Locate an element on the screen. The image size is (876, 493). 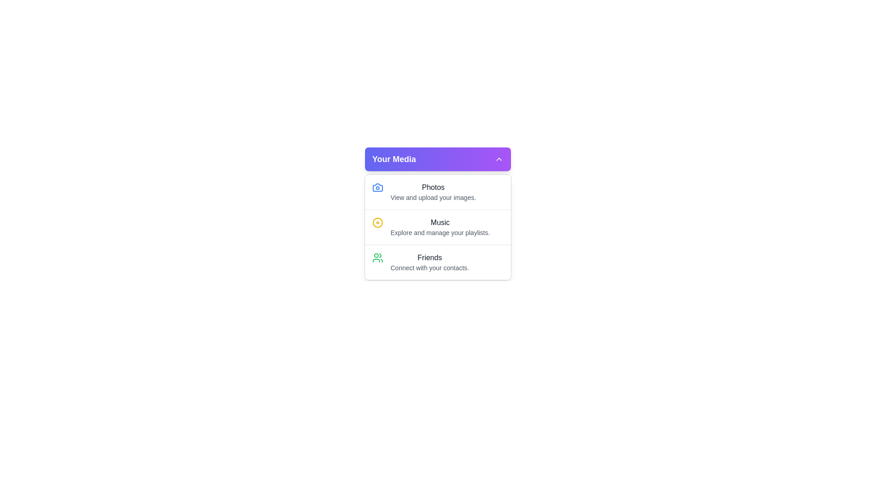
the outer decorative circle element that serves as a boundary for the 'Music' icon in the vertically stacked options menu is located at coordinates (378, 223).